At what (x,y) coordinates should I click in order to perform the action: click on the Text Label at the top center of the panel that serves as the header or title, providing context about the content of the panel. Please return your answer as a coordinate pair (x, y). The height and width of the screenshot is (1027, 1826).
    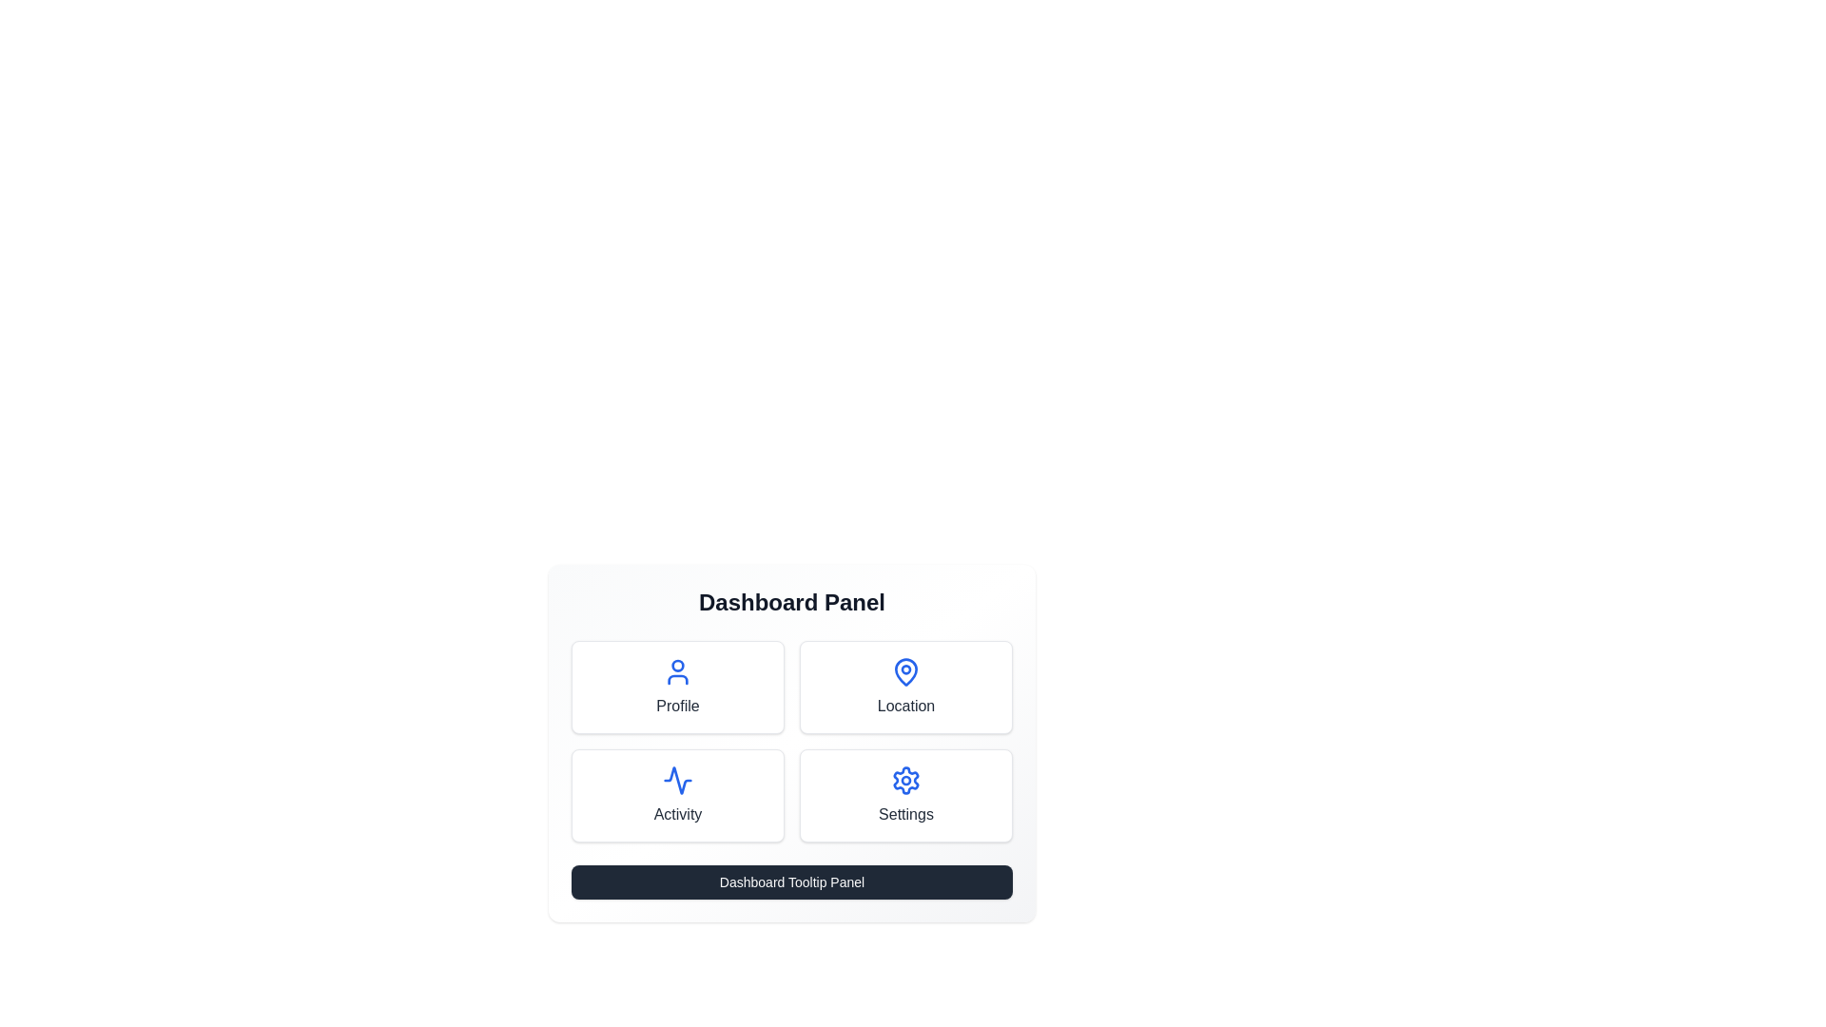
    Looking at the image, I should click on (792, 602).